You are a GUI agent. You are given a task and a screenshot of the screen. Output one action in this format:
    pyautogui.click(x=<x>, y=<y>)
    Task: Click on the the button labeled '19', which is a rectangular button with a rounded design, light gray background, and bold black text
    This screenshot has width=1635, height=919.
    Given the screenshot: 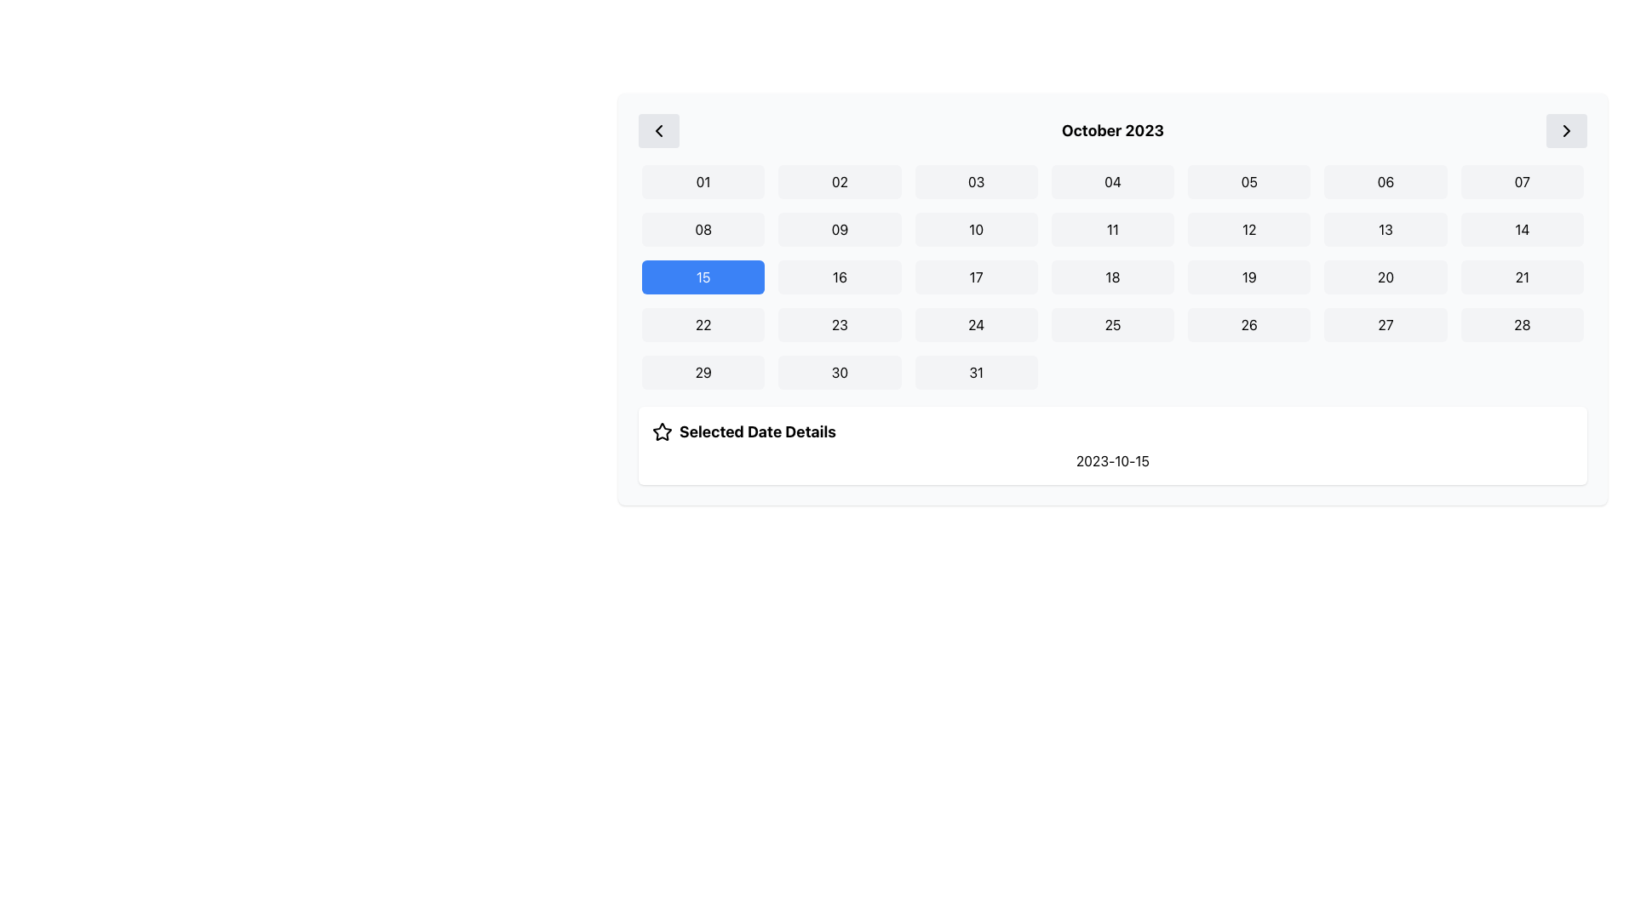 What is the action you would take?
    pyautogui.click(x=1249, y=277)
    